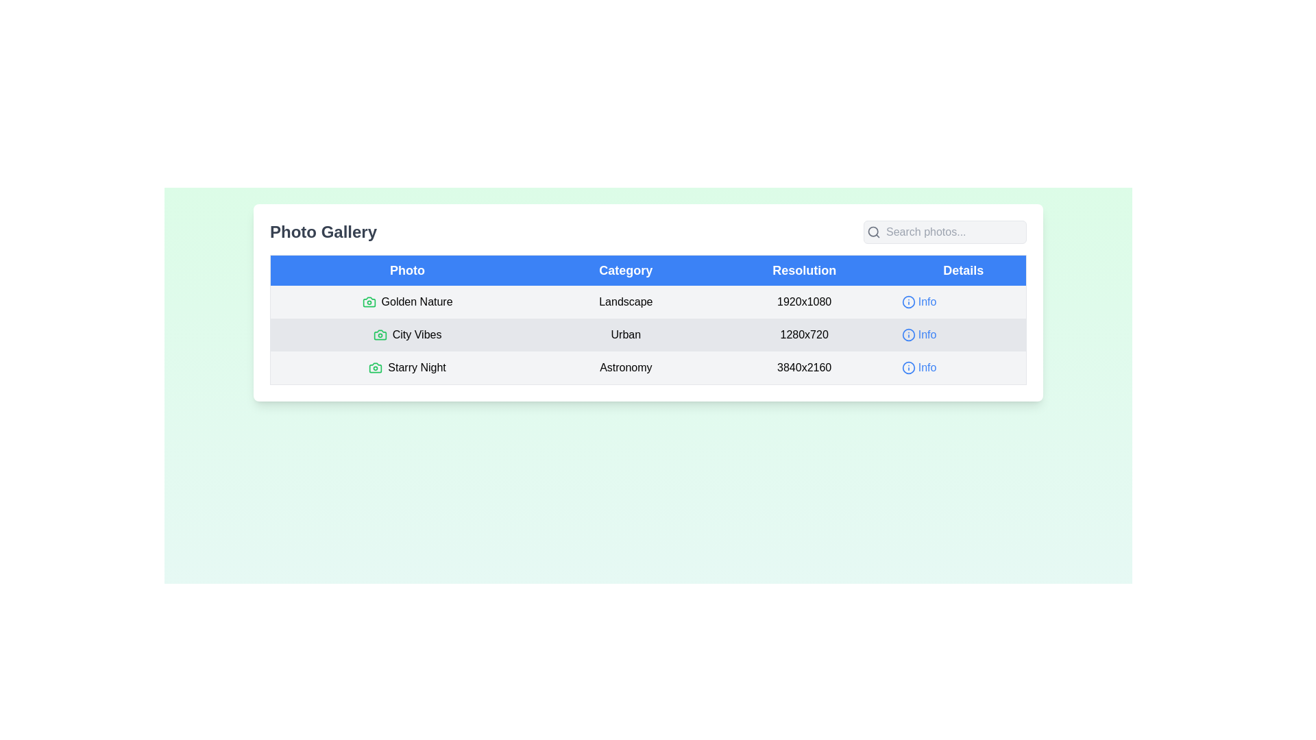 The width and height of the screenshot is (1316, 740). Describe the element at coordinates (908, 335) in the screenshot. I see `the Information icon in the 'Details' column of the second row of the table` at that location.